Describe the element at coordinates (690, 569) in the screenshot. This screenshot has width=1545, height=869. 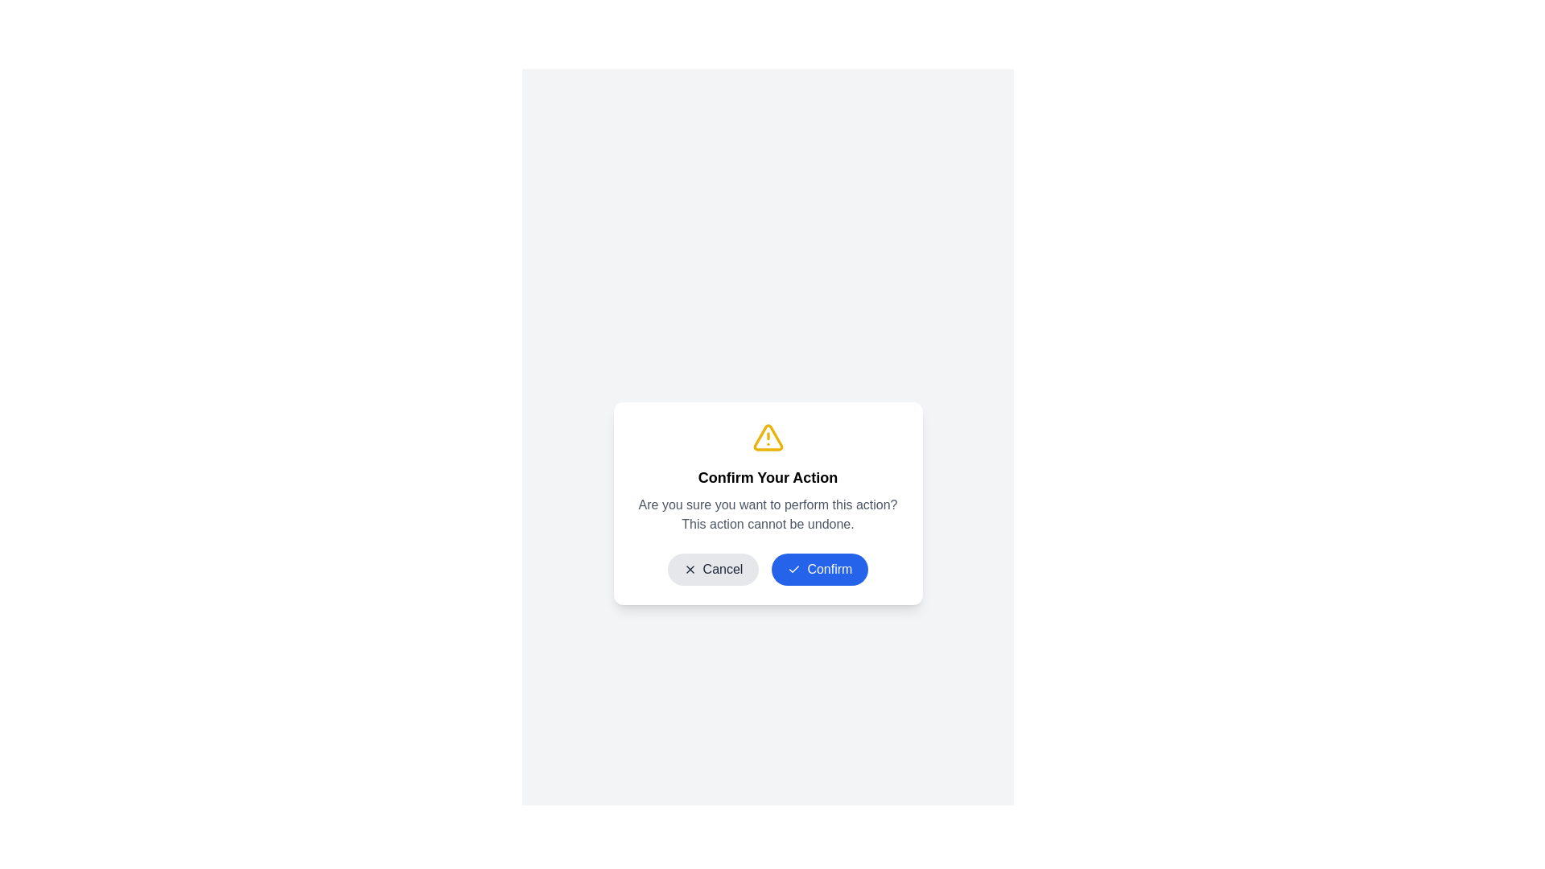
I see `the 'X' icon located to the left of the 'Cancel' button in the confirmation modal` at that location.